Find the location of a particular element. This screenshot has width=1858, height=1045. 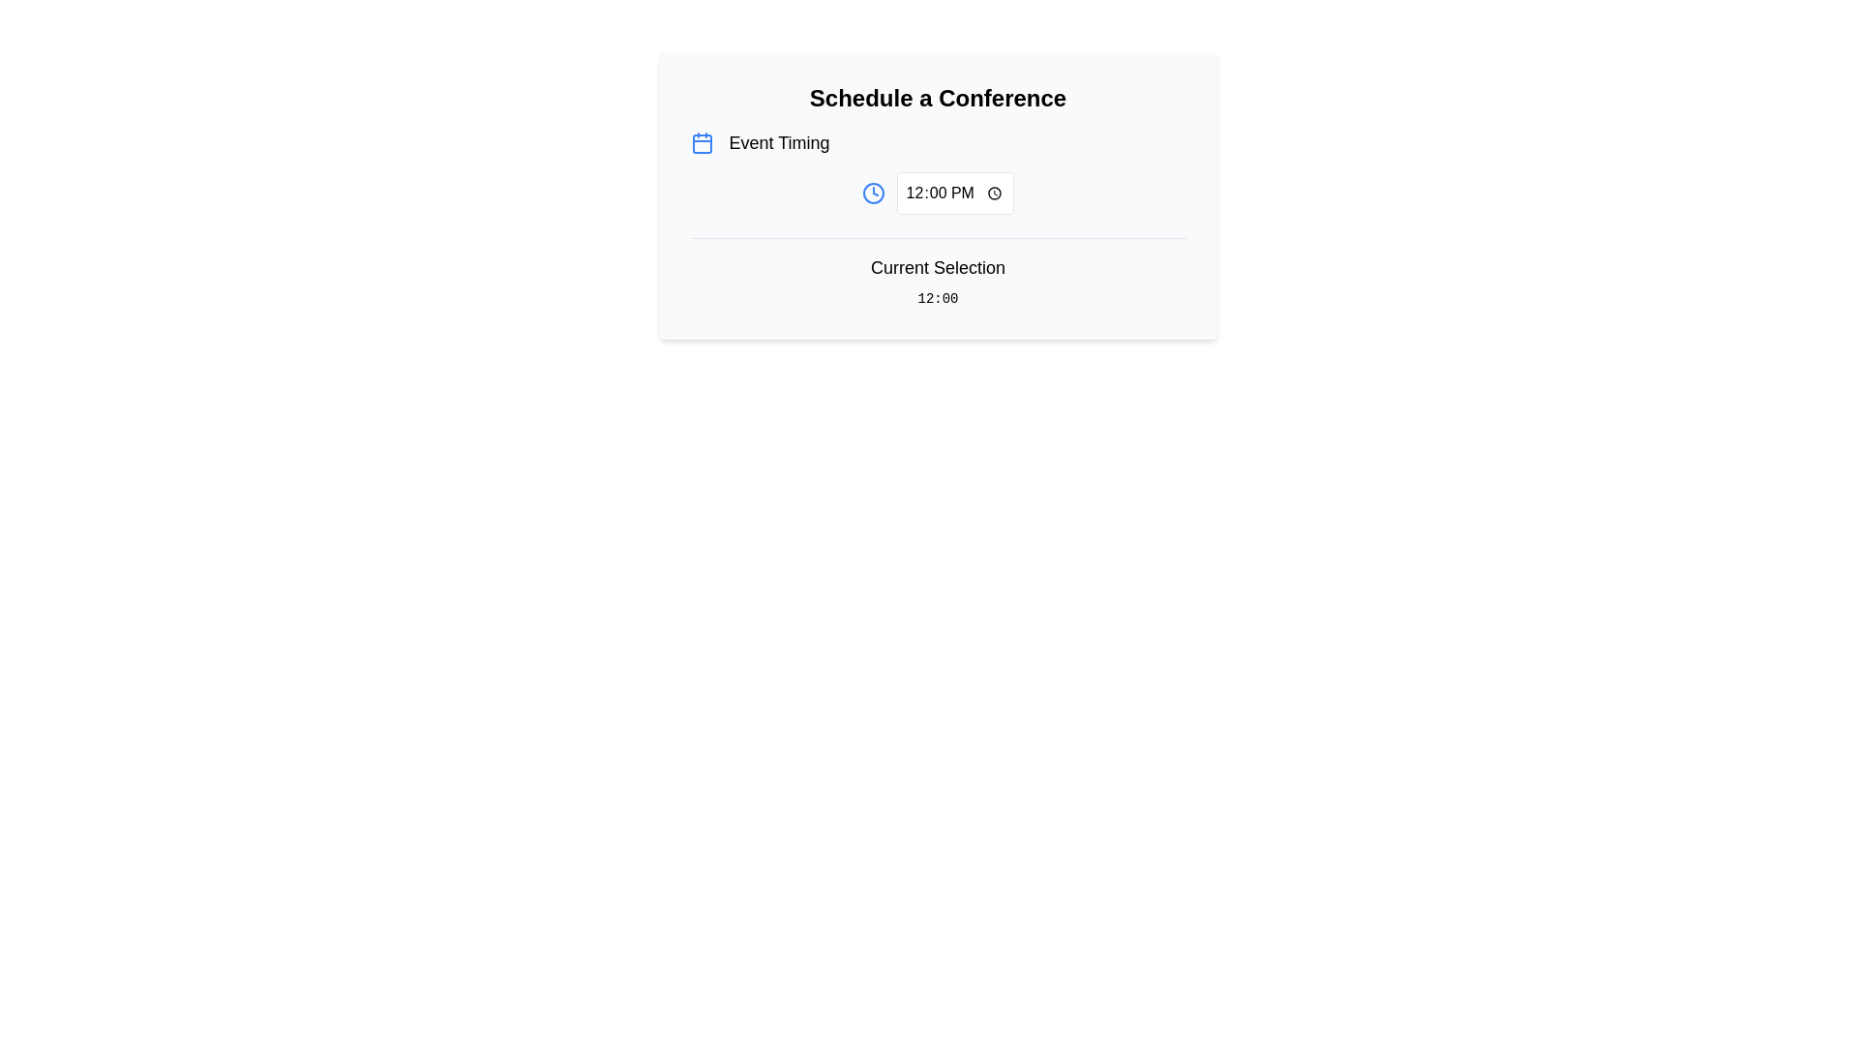

the decorative SVG element representing the date box in the calendar visualization, located at the center of the blue calendar icon, to access the related 'Event Timing' feature is located at coordinates (701, 143).